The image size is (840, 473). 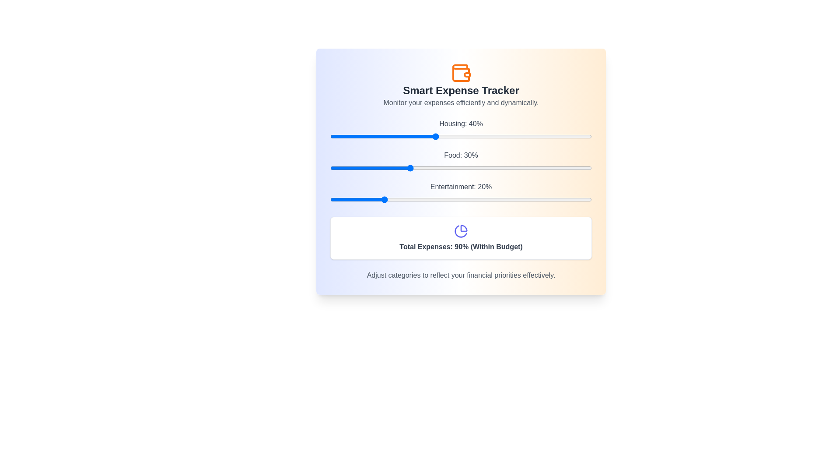 I want to click on the Food slider to set its value to 51%, so click(x=463, y=168).